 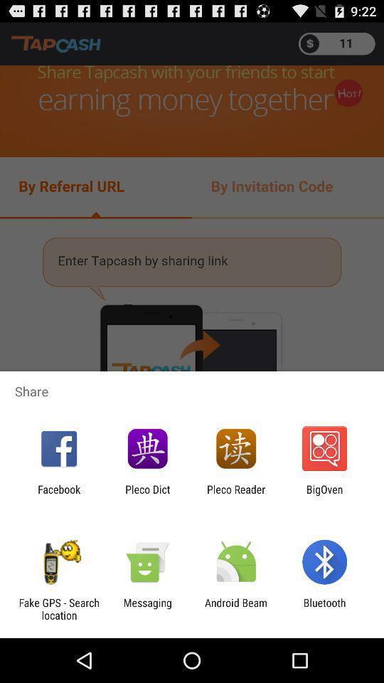 What do you see at coordinates (58, 608) in the screenshot?
I see `the icon to the left of the messaging icon` at bounding box center [58, 608].